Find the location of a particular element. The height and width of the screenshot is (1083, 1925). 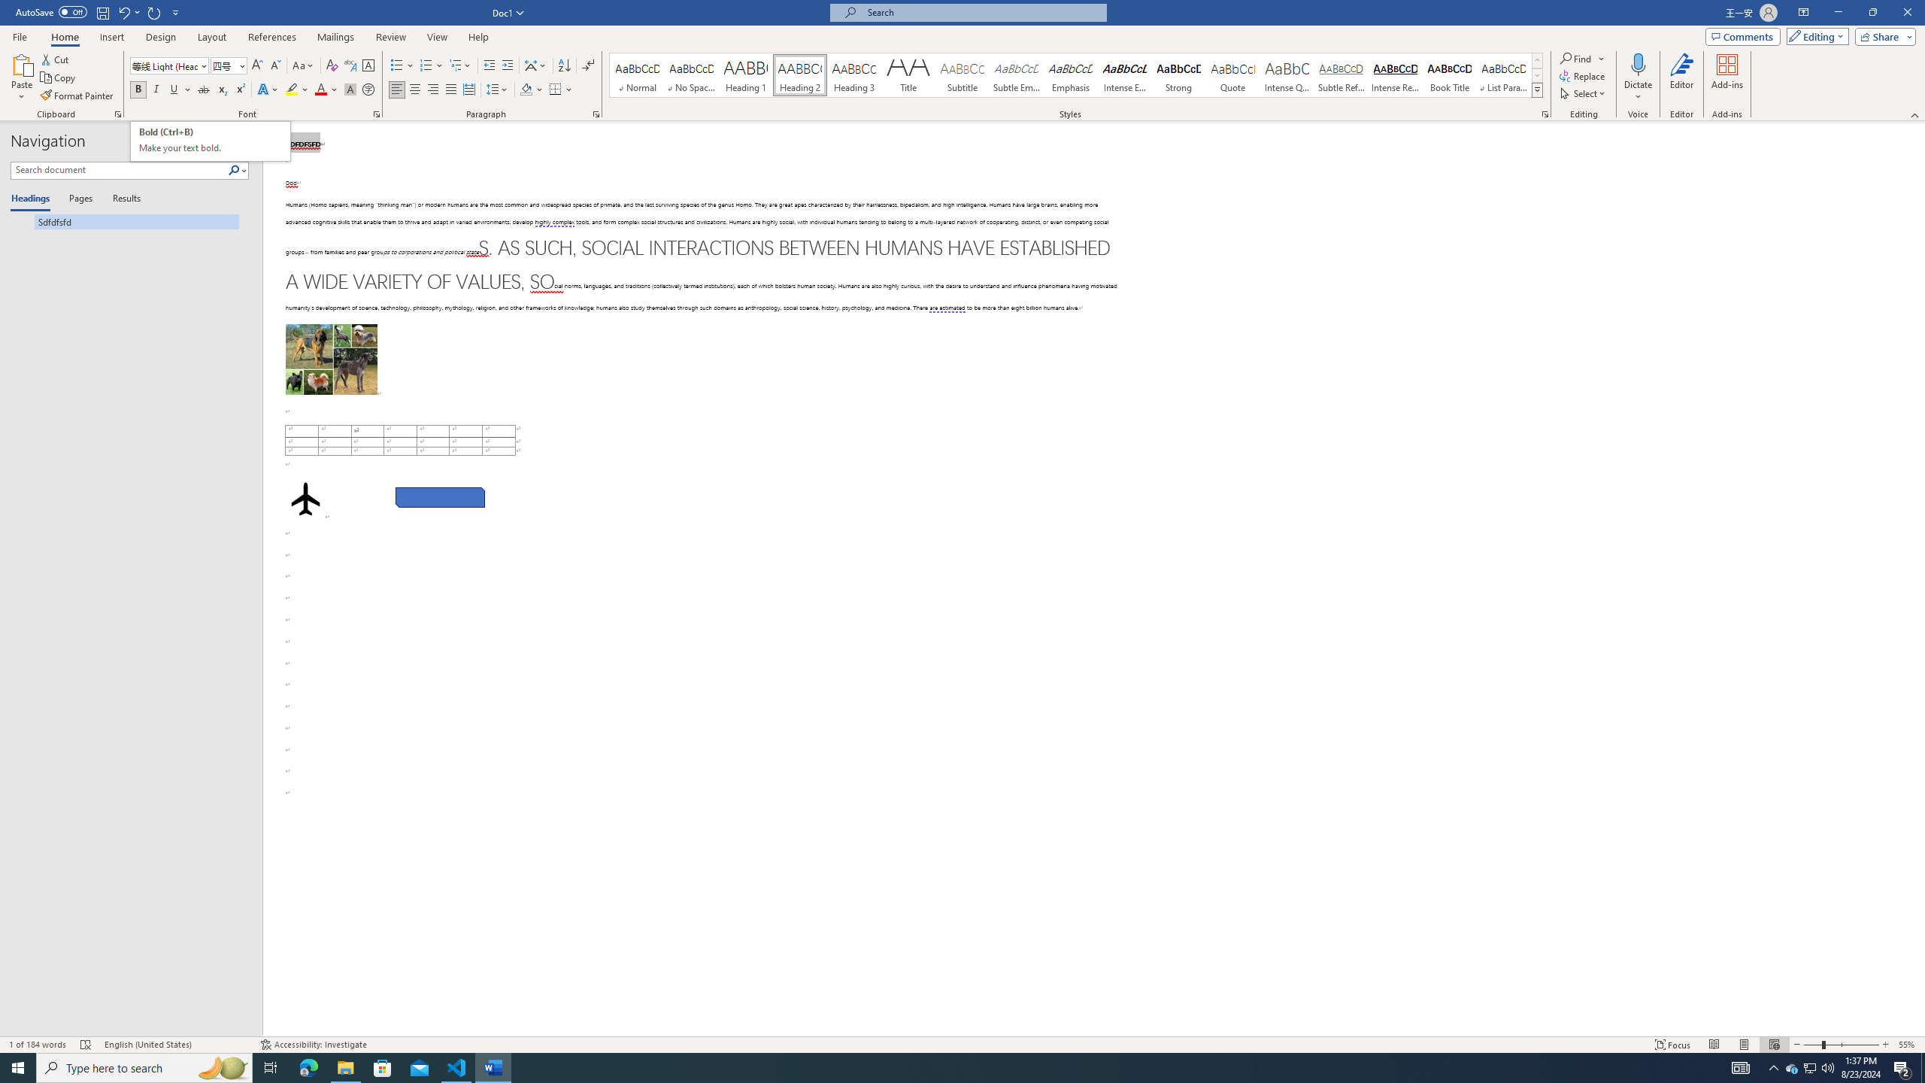

'Shrink Font' is located at coordinates (275, 65).